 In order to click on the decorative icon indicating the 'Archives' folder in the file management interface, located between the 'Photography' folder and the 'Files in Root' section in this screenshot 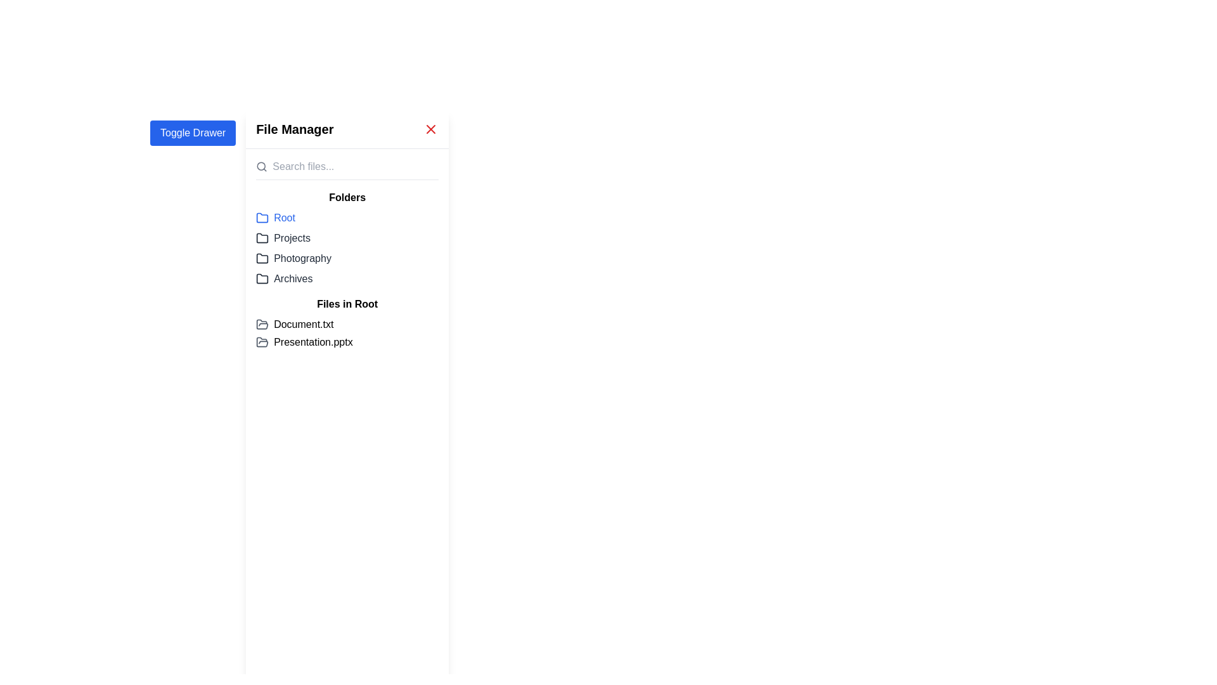, I will do `click(262, 278)`.